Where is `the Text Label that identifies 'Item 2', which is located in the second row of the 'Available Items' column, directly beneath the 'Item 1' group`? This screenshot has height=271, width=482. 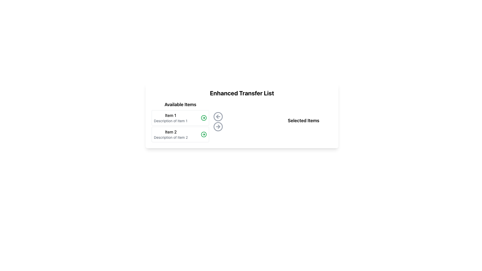 the Text Label that identifies 'Item 2', which is located in the second row of the 'Available Items' column, directly beneath the 'Item 1' group is located at coordinates (171, 131).